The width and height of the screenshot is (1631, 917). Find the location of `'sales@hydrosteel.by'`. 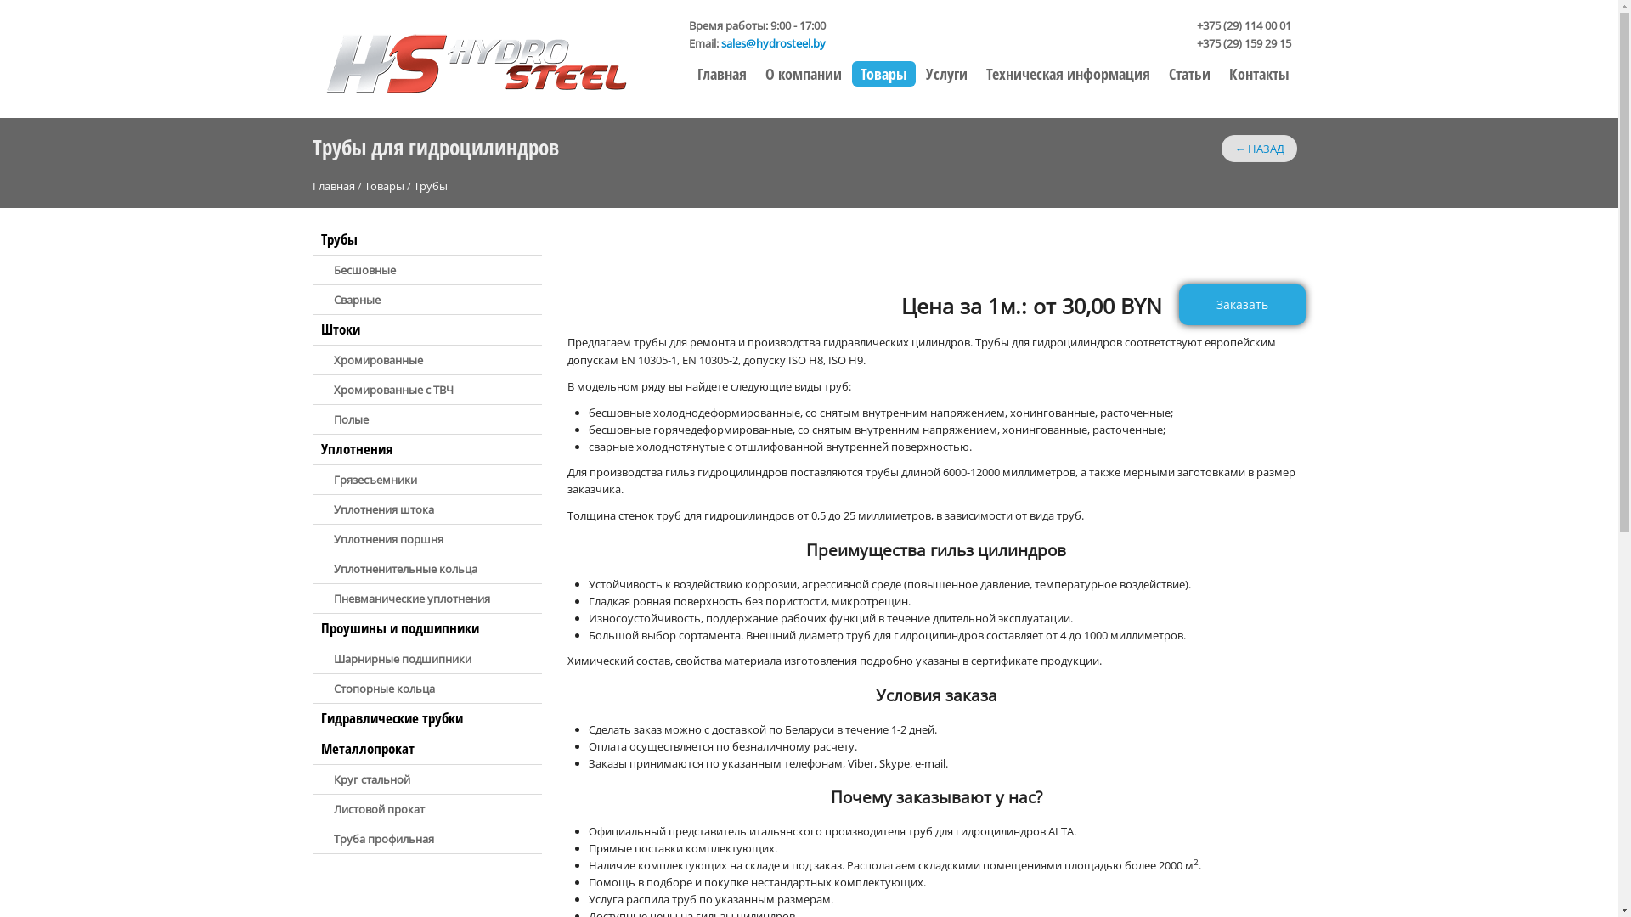

'sales@hydrosteel.by' is located at coordinates (771, 42).